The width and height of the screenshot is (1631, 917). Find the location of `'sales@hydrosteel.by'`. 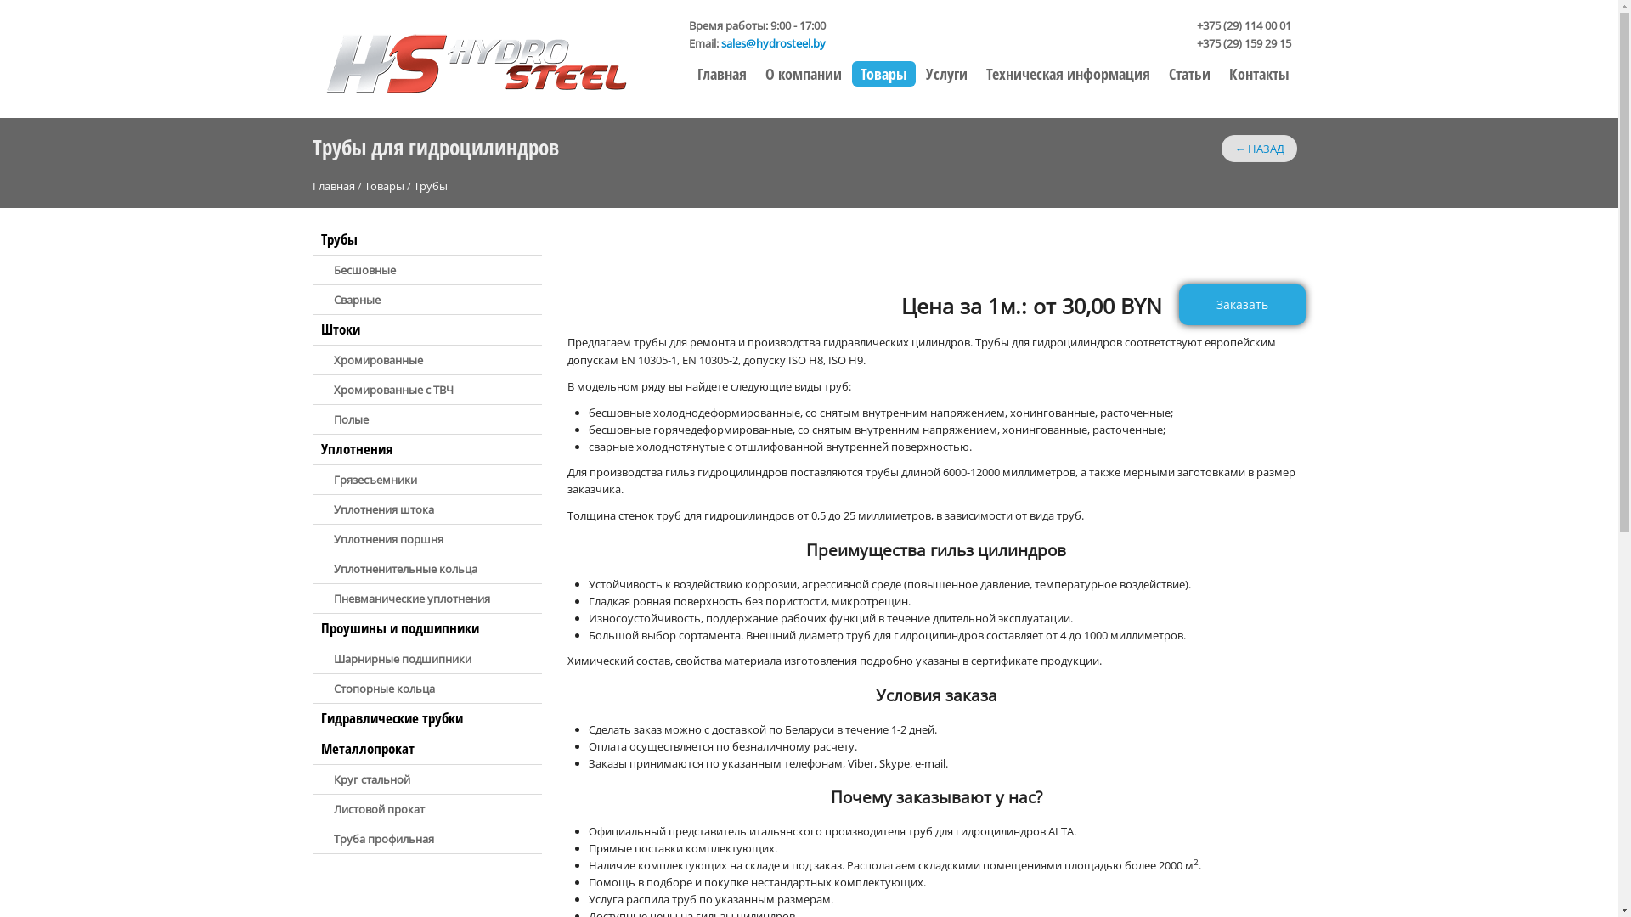

'sales@hydrosteel.by' is located at coordinates (771, 42).